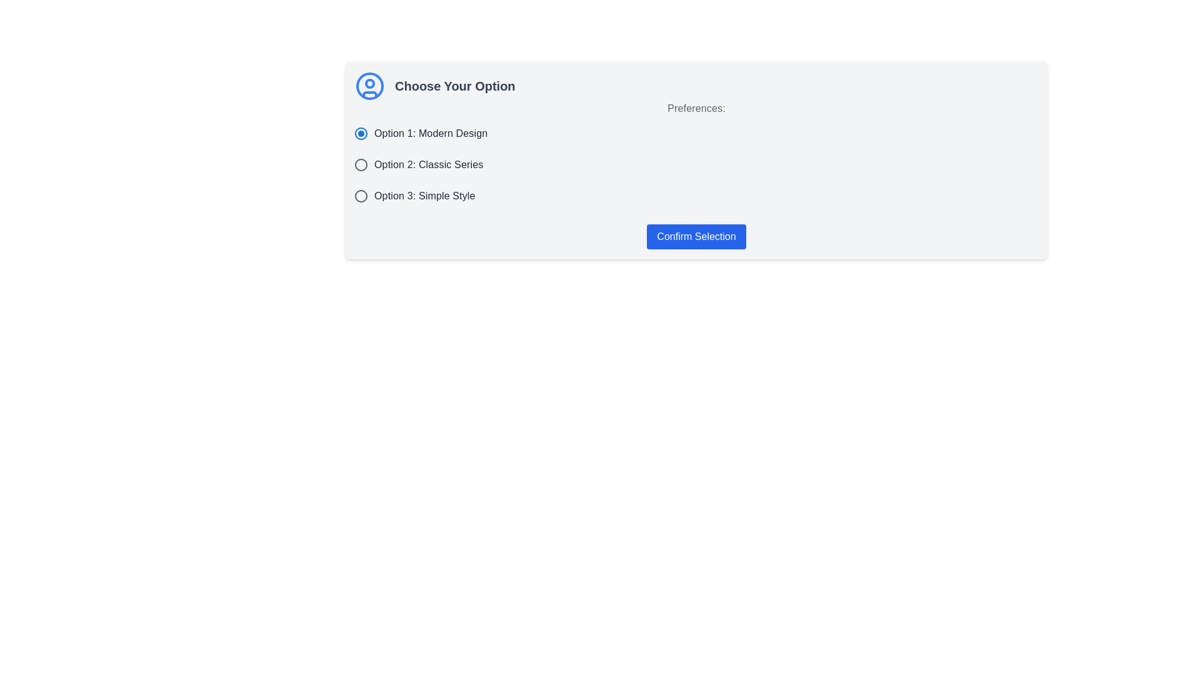  Describe the element at coordinates (429, 164) in the screenshot. I see `label text for the second option in the radio button group, which is positioned between 'Option 1: Modern Design' and 'Option 3: Simple Style'` at that location.